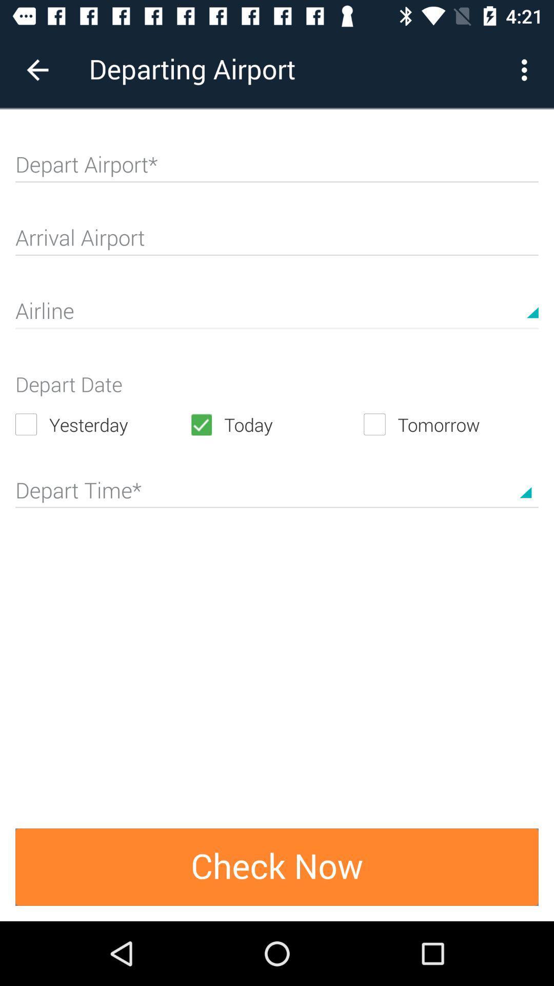 This screenshot has width=554, height=986. Describe the element at coordinates (276, 424) in the screenshot. I see `the today icon` at that location.